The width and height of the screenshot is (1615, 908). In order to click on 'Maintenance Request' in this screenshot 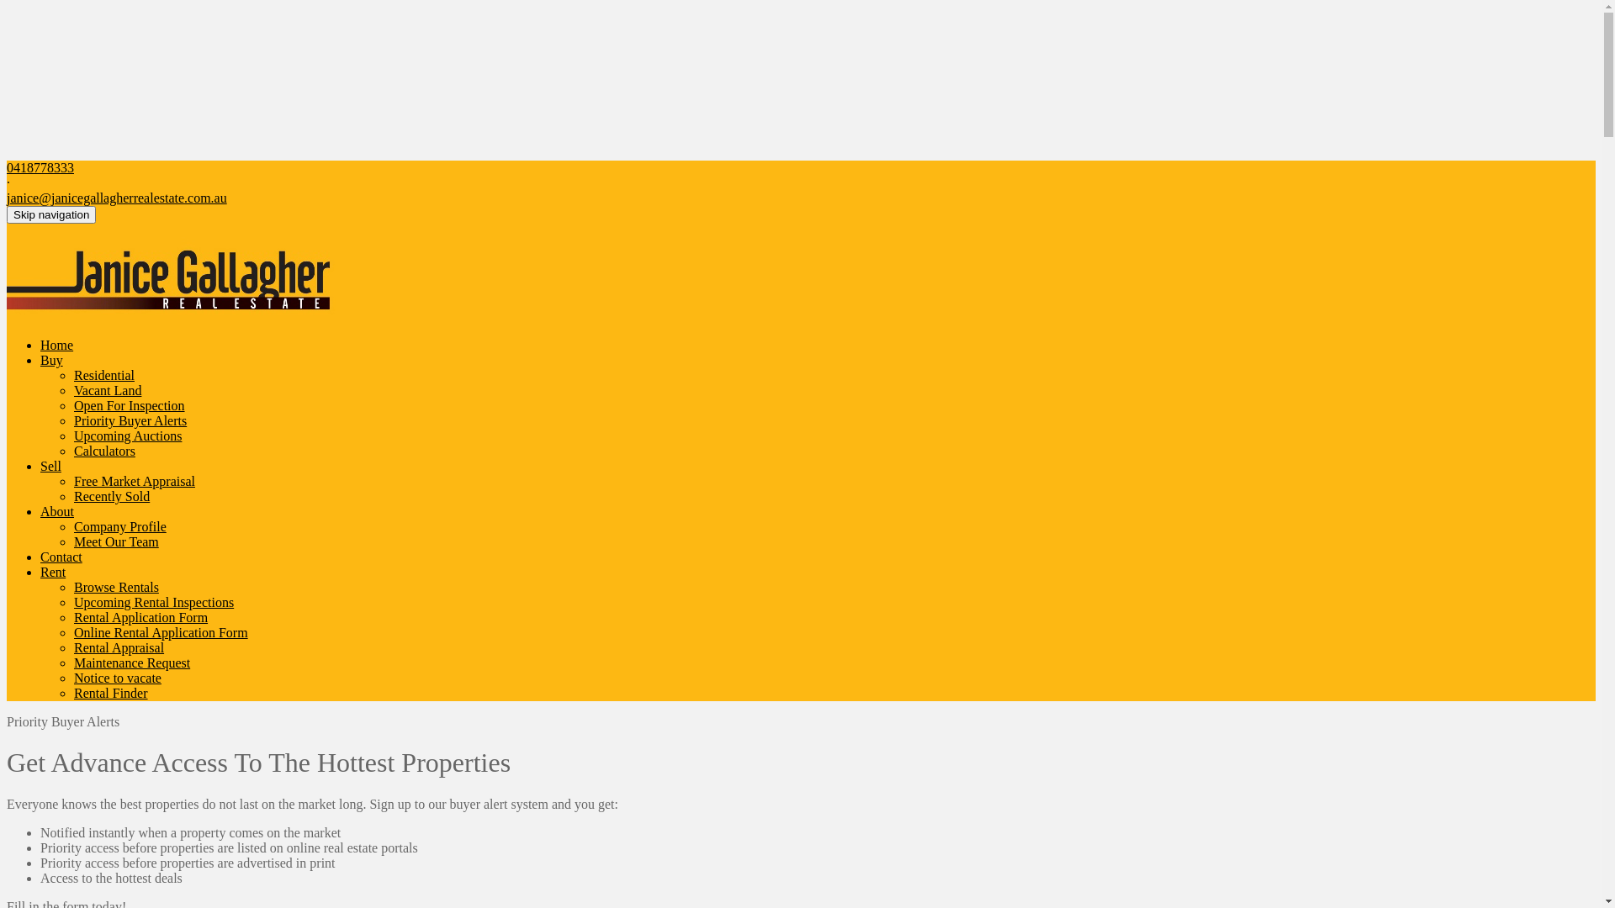, I will do `click(131, 662)`.